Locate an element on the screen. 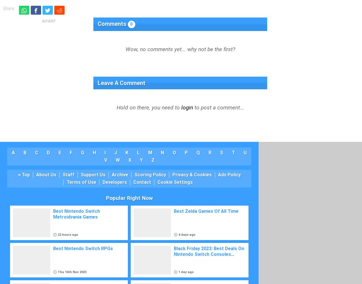 This screenshot has height=284, width=362. '1 day ago' is located at coordinates (178, 272).